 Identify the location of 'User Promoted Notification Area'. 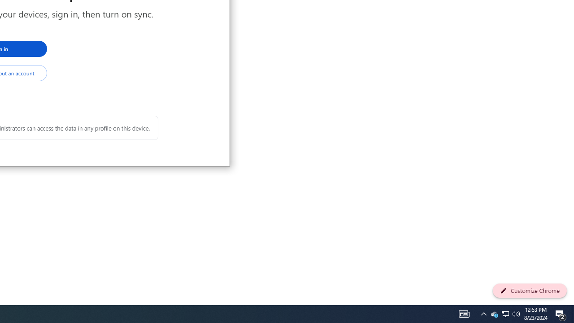
(494, 313).